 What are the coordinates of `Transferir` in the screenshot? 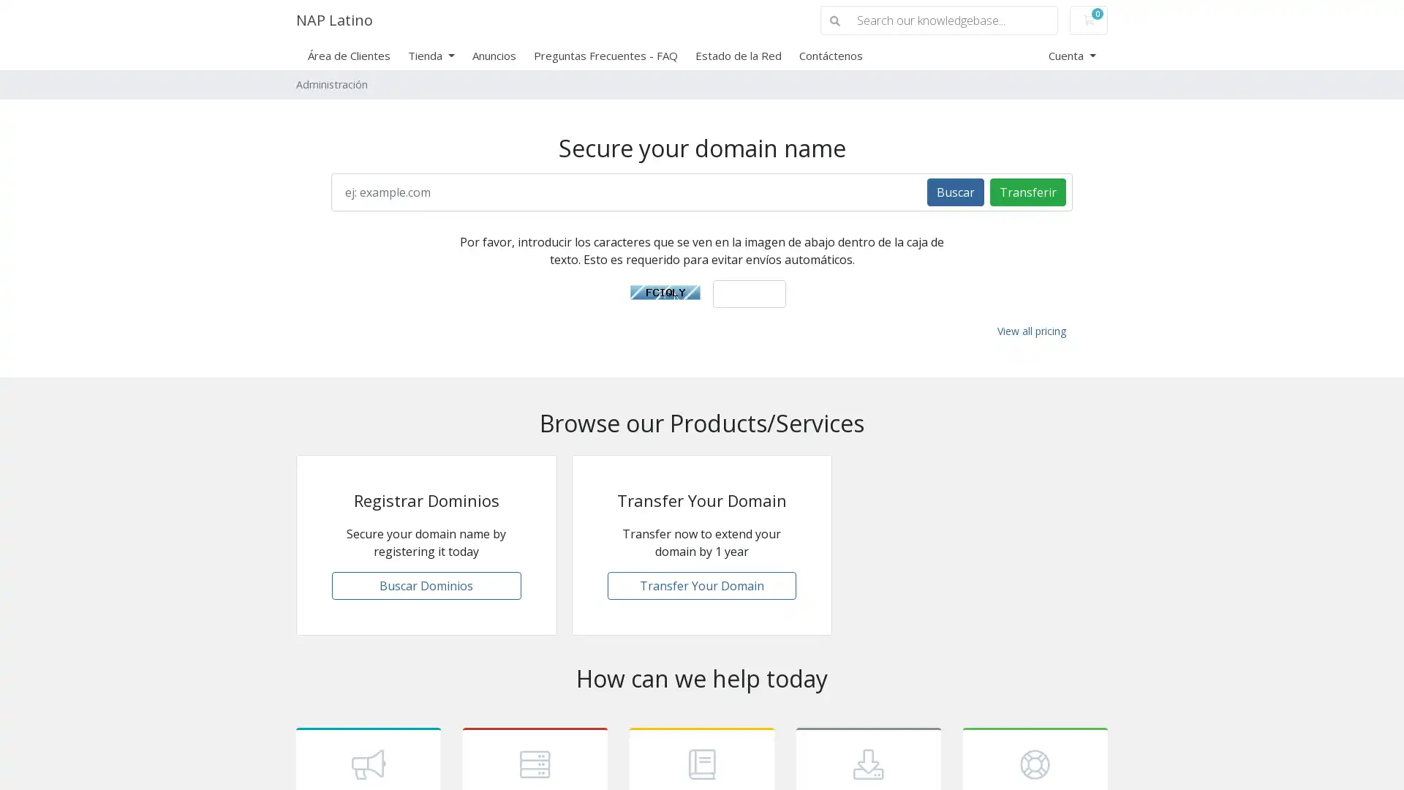 It's located at (1027, 191).